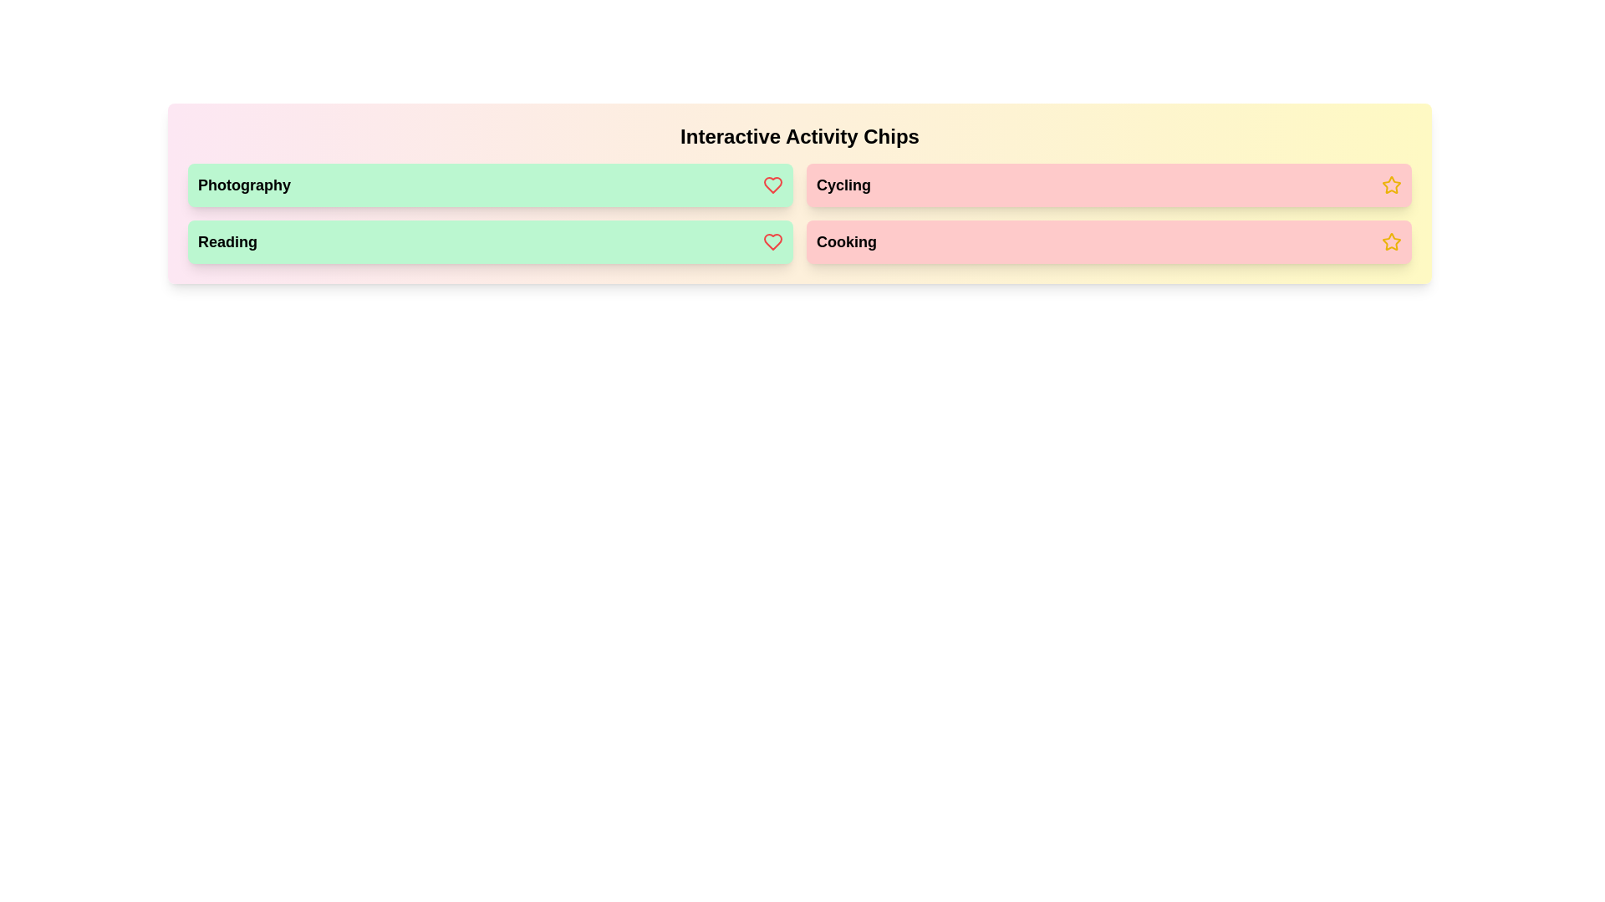 The width and height of the screenshot is (1605, 902). What do you see at coordinates (1108, 241) in the screenshot?
I see `the chip labeled Cooking to observe its visual feedback` at bounding box center [1108, 241].